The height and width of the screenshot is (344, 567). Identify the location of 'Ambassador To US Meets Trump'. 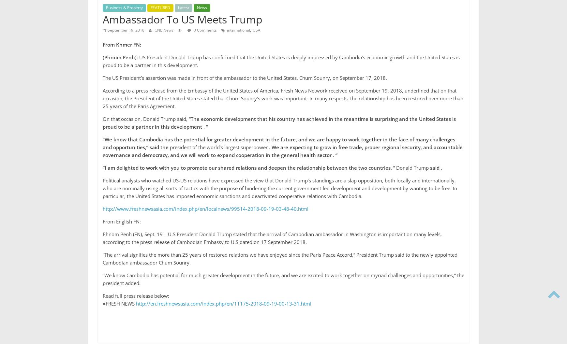
(102, 19).